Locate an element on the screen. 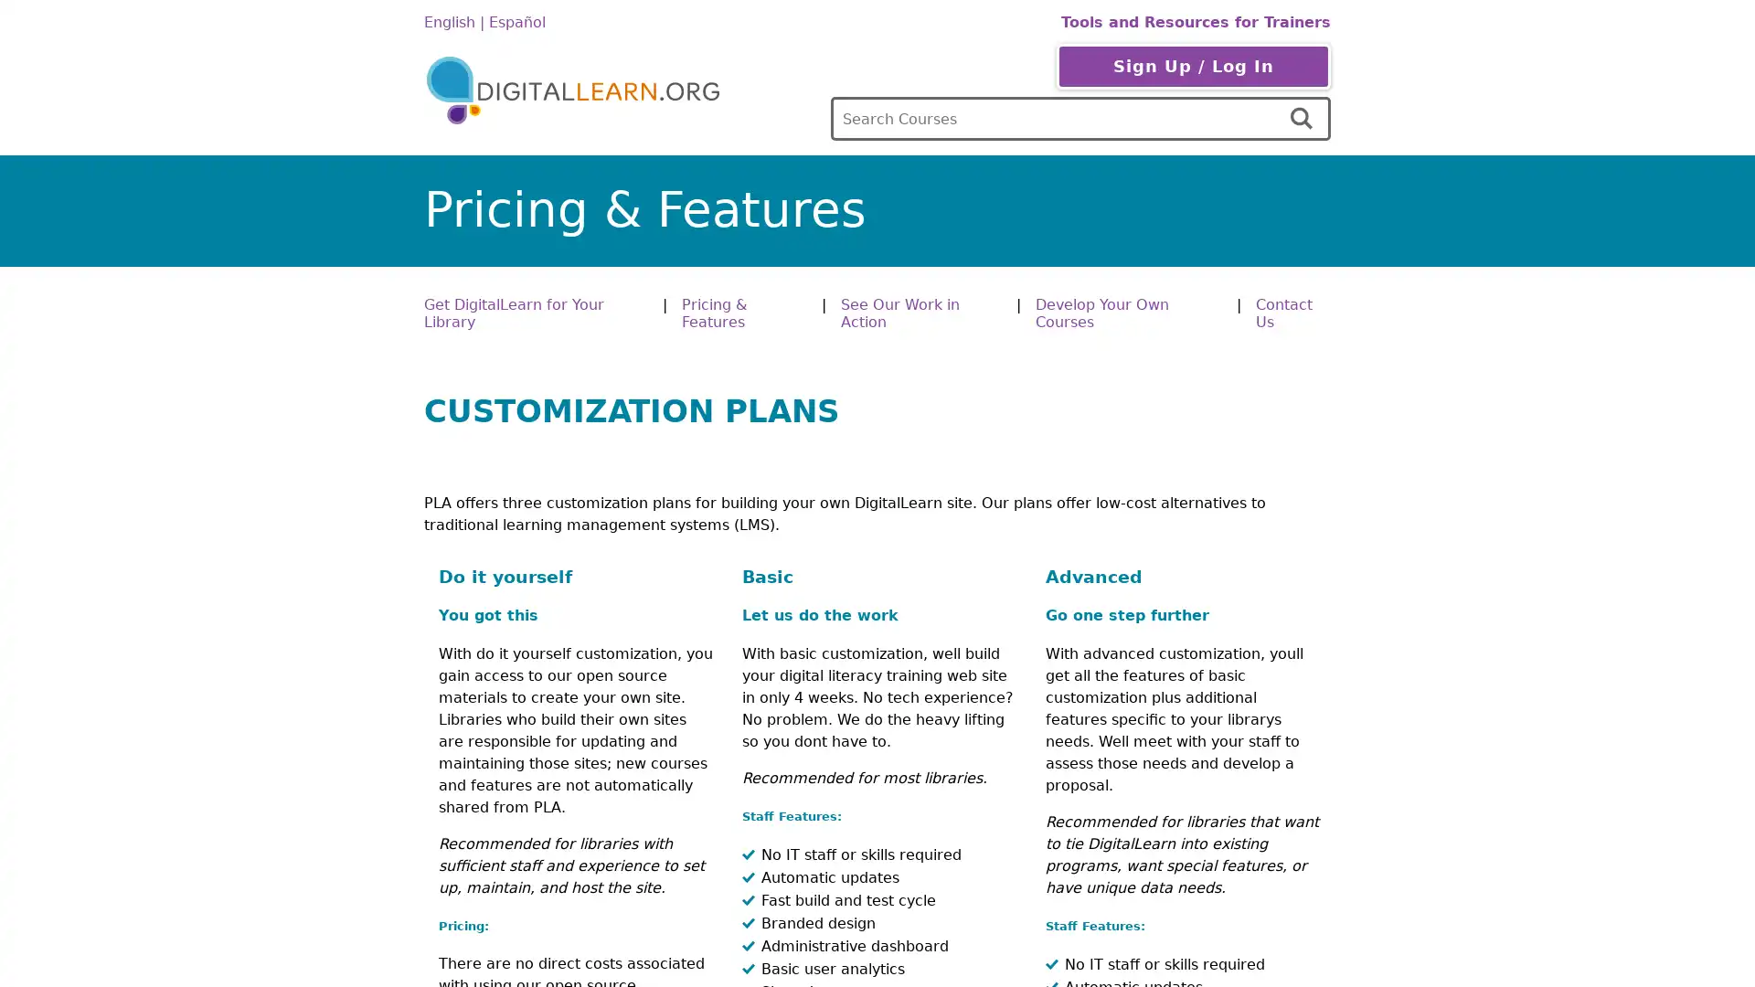 Image resolution: width=1755 pixels, height=987 pixels. search is located at coordinates (1303, 119).